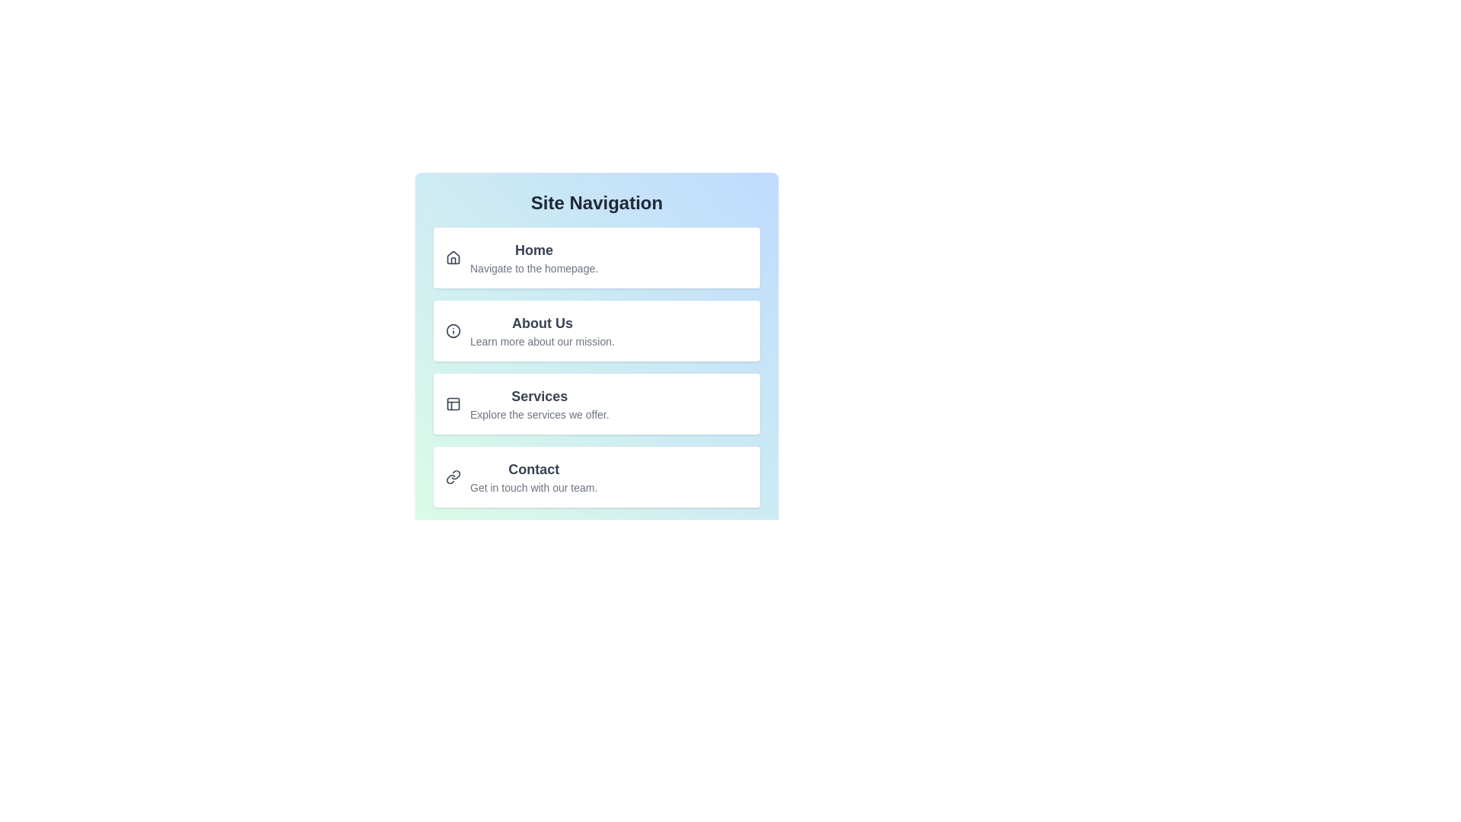  Describe the element at coordinates (452, 330) in the screenshot. I see `the circular information icon with an outlined stroke, located on the left side of the 'About Us' section in the Site Navigation menu` at that location.